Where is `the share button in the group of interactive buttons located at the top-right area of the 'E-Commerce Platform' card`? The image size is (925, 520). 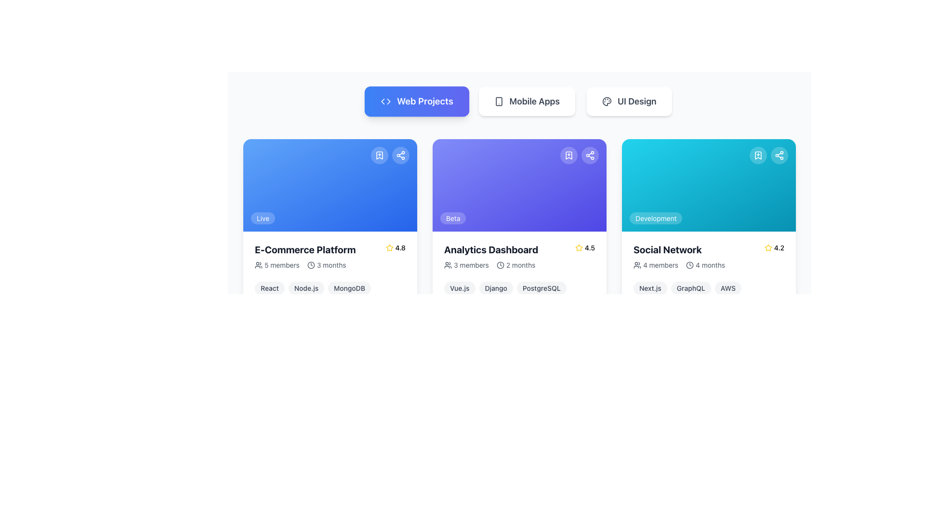
the share button in the group of interactive buttons located at the top-right area of the 'E-Commerce Platform' card is located at coordinates (390, 155).